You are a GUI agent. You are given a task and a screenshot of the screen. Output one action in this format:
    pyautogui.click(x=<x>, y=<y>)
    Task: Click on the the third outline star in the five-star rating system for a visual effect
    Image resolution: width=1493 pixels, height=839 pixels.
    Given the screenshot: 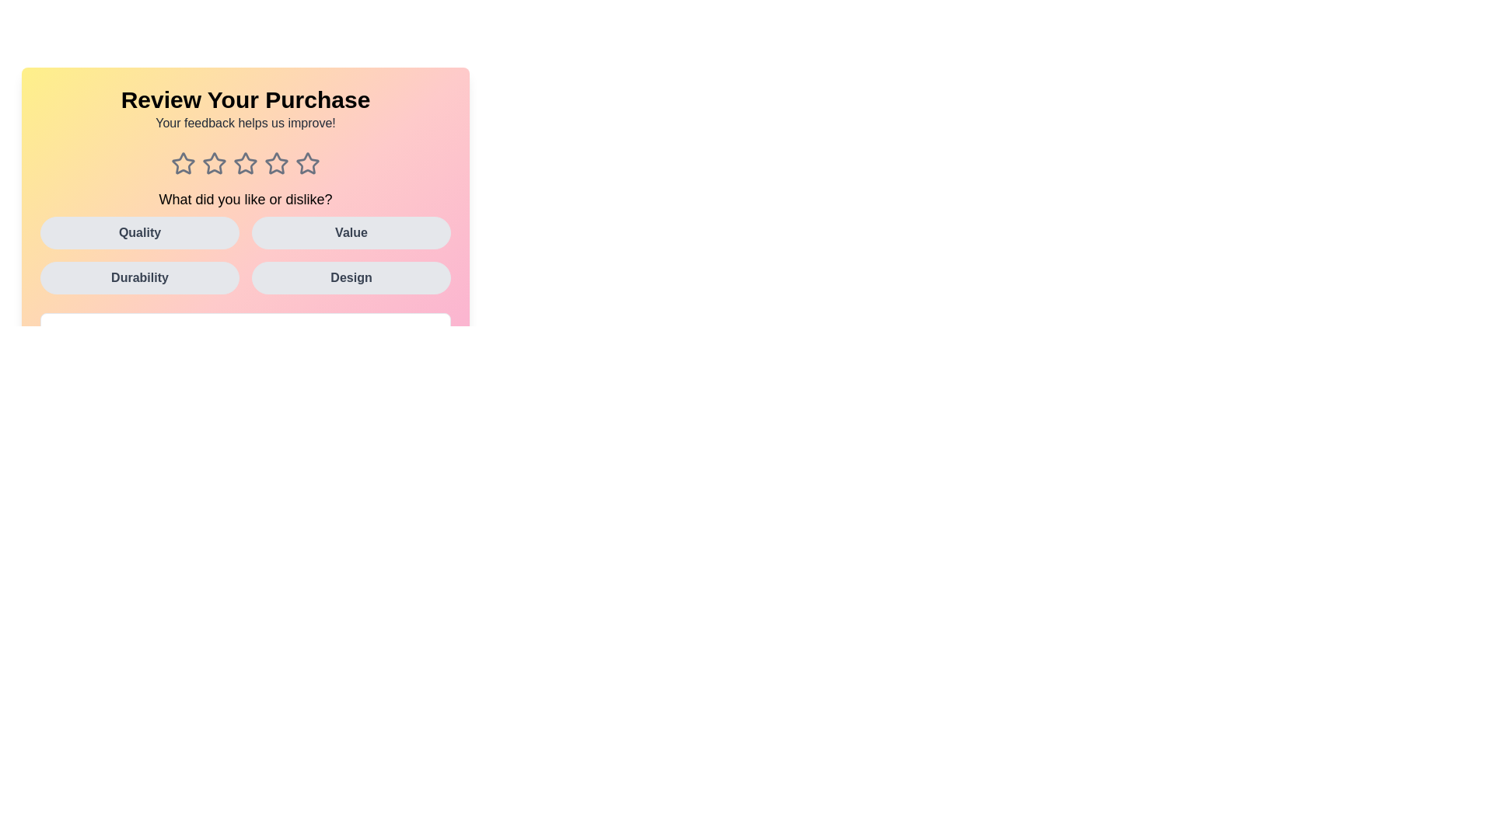 What is the action you would take?
    pyautogui.click(x=245, y=164)
    